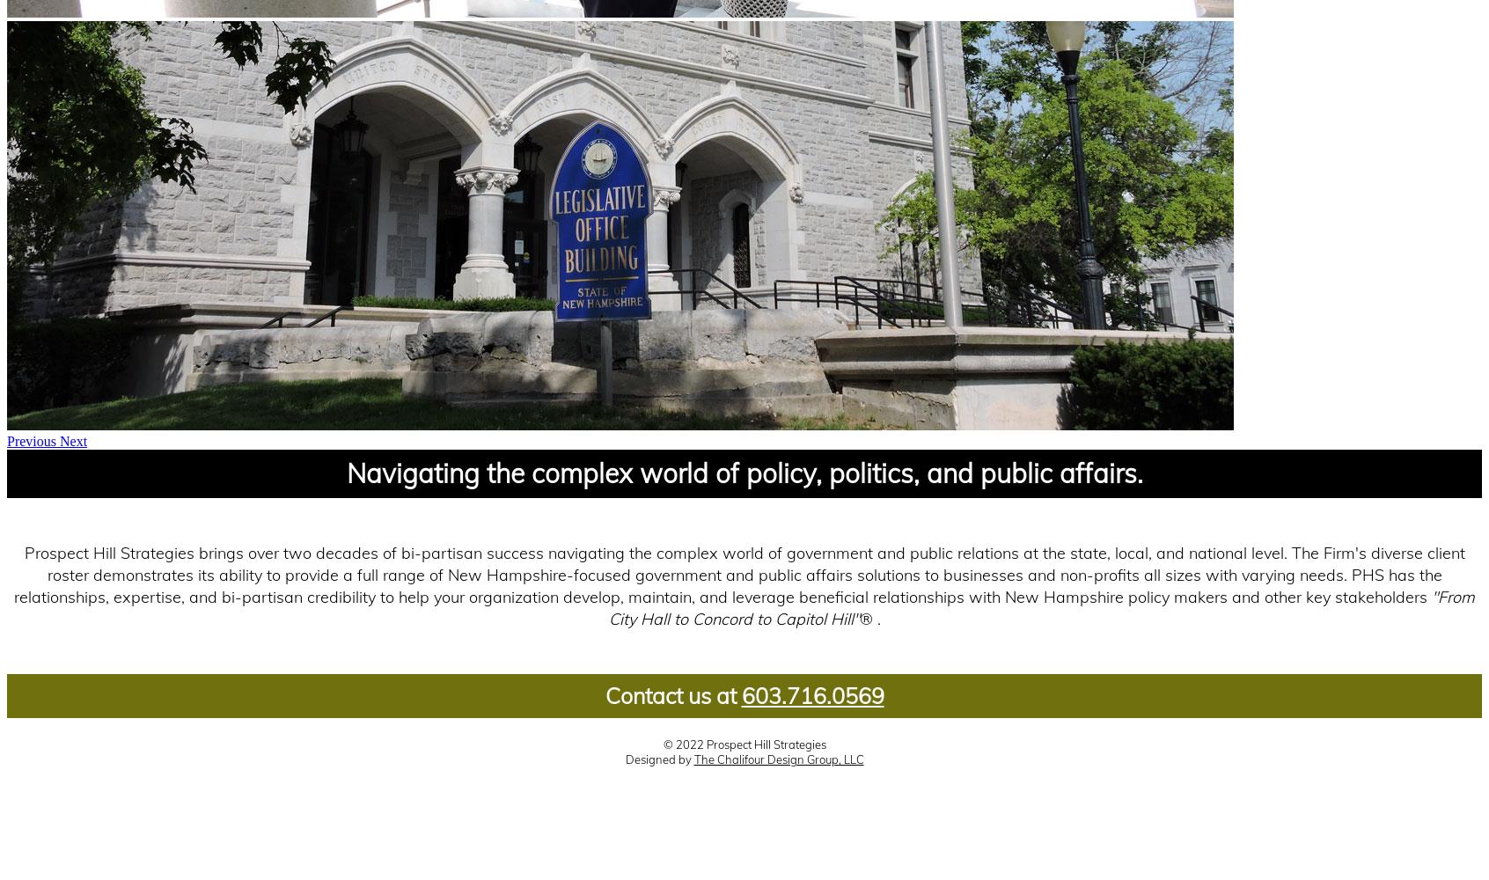 The height and width of the screenshot is (880, 1489). I want to click on '© 2022 Prospect Hill Strategies', so click(661, 744).